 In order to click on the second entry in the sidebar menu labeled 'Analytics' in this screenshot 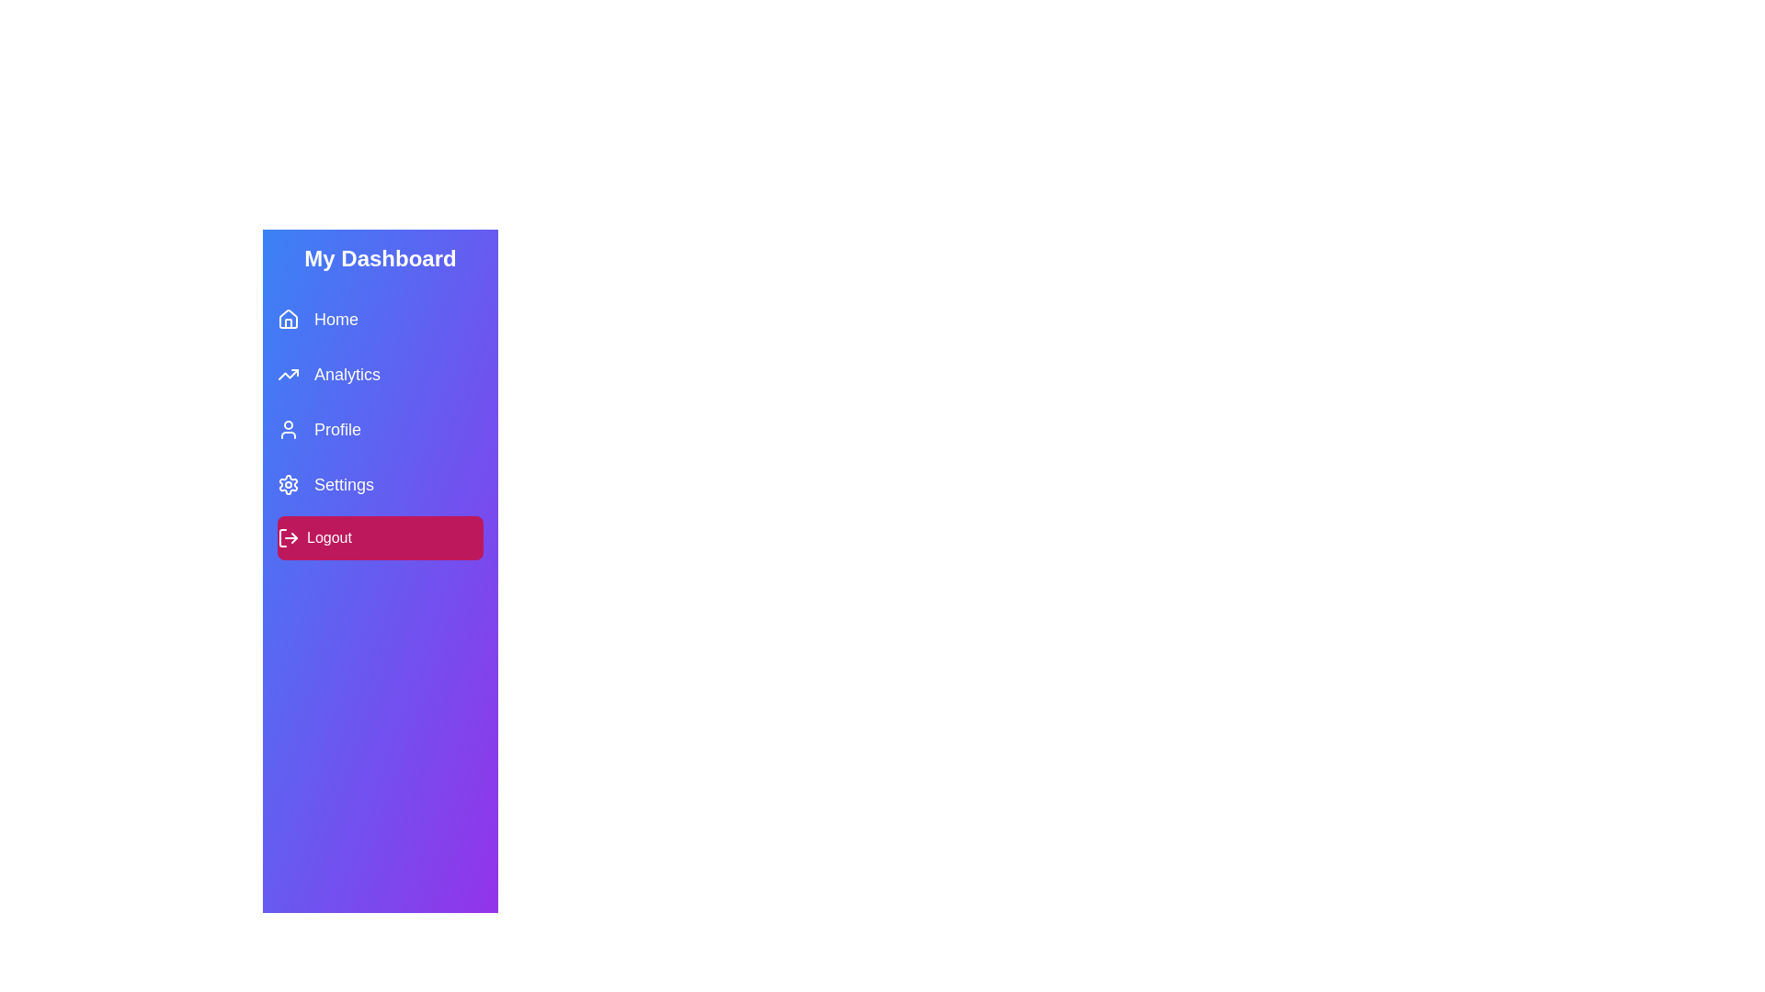, I will do `click(379, 401)`.